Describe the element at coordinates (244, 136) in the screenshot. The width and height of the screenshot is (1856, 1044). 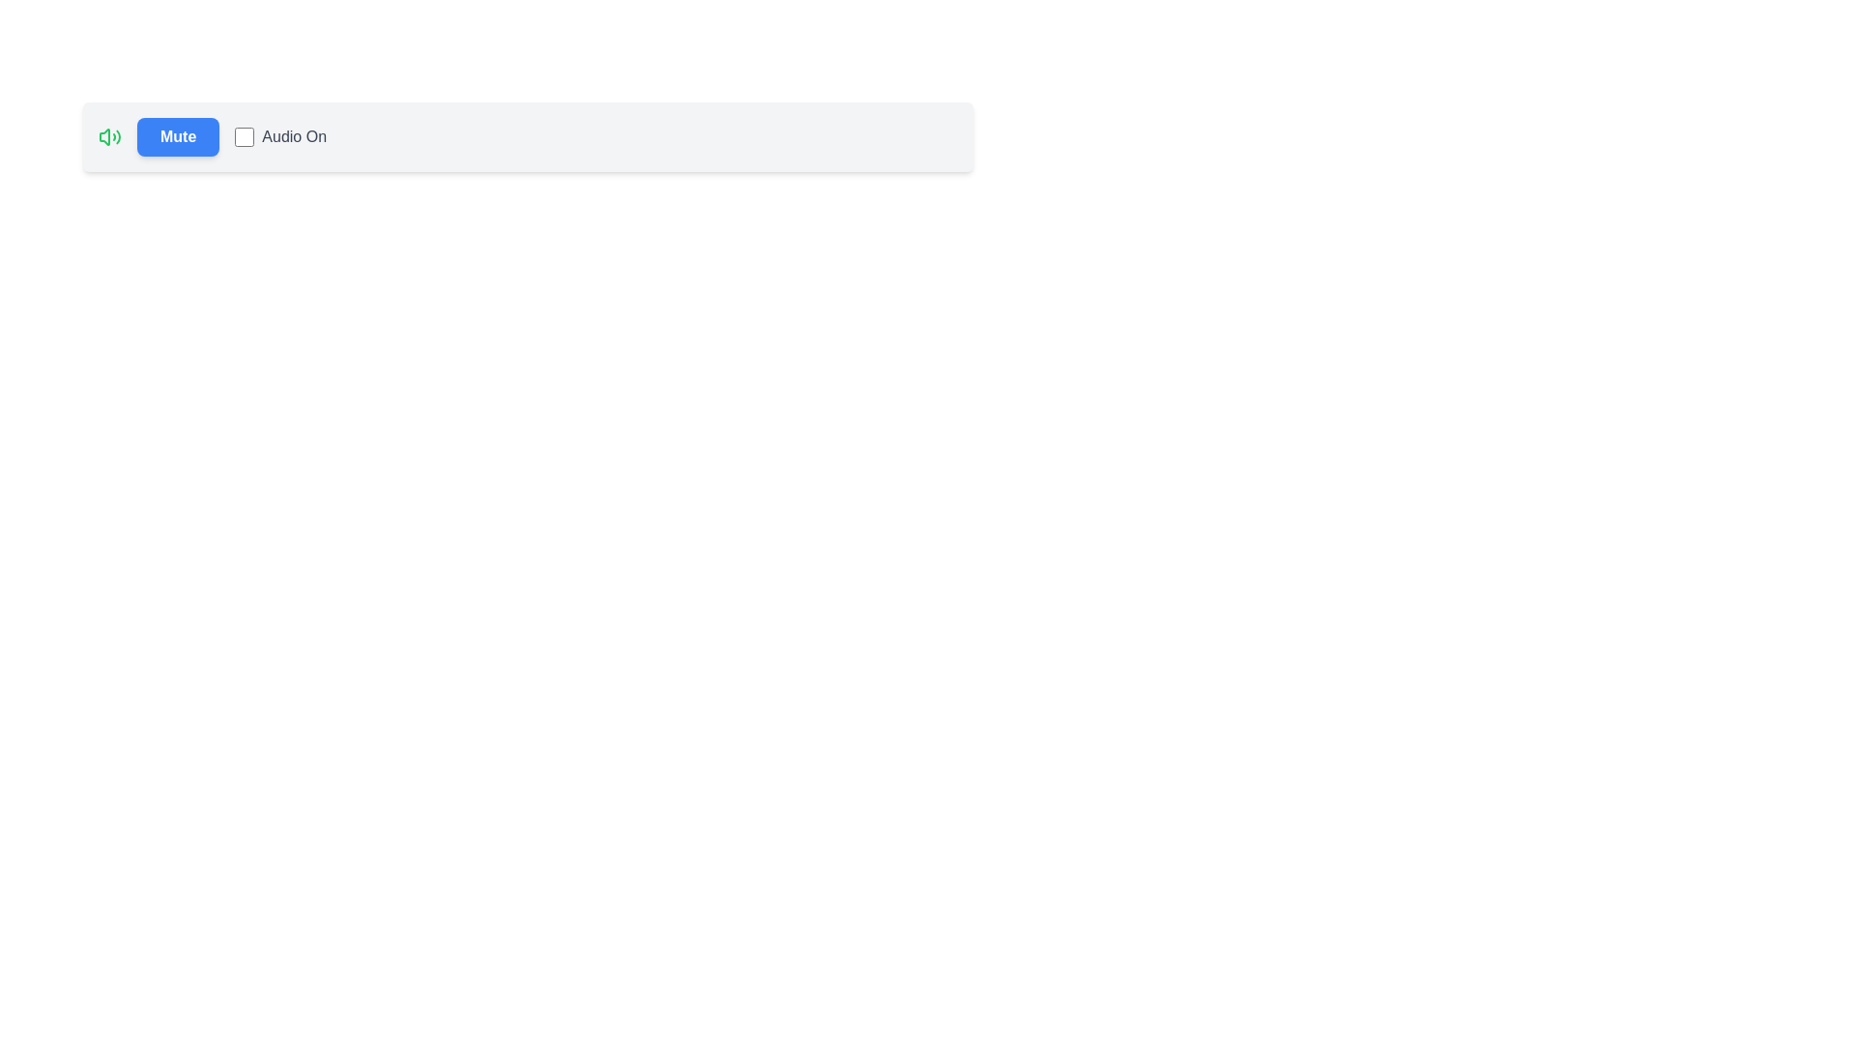
I see `the checkbox to toggle the mute state` at that location.